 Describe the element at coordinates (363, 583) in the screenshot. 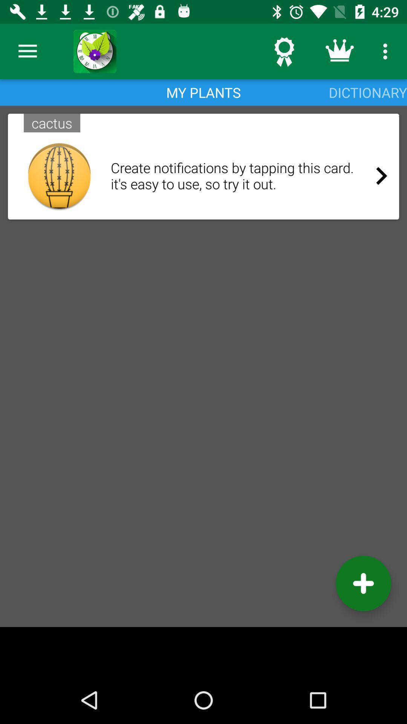

I see `the add icon` at that location.